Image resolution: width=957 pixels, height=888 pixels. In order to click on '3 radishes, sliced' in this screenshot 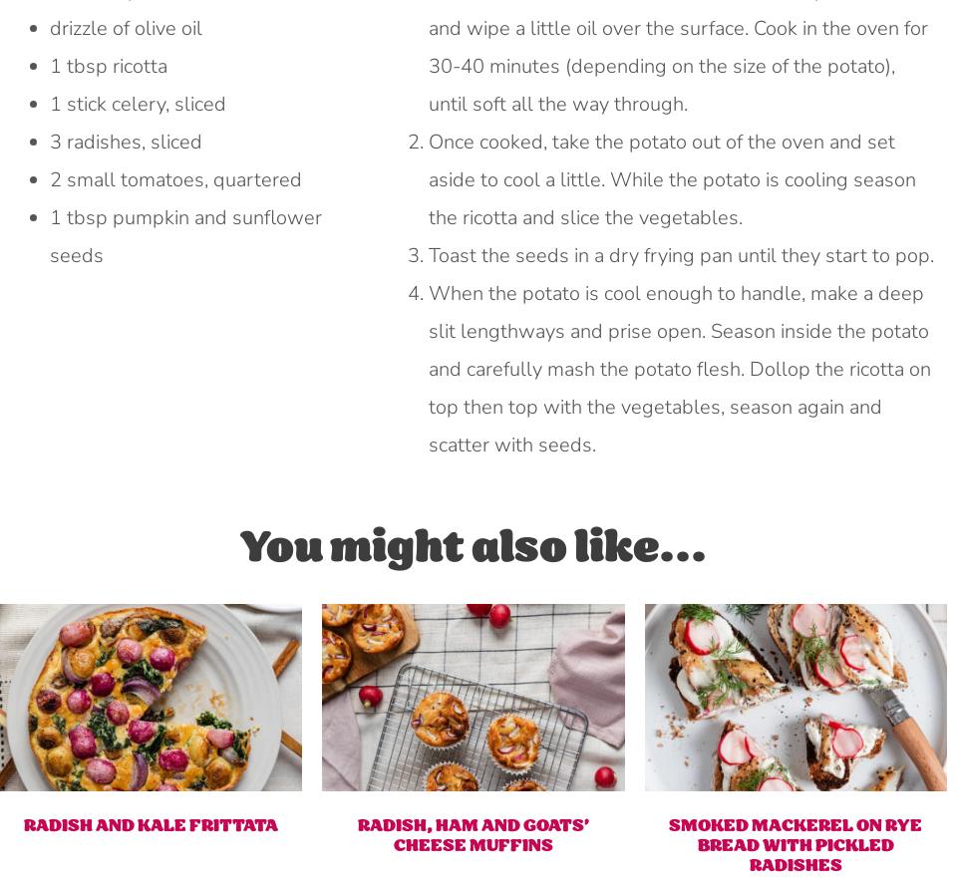, I will do `click(125, 140)`.